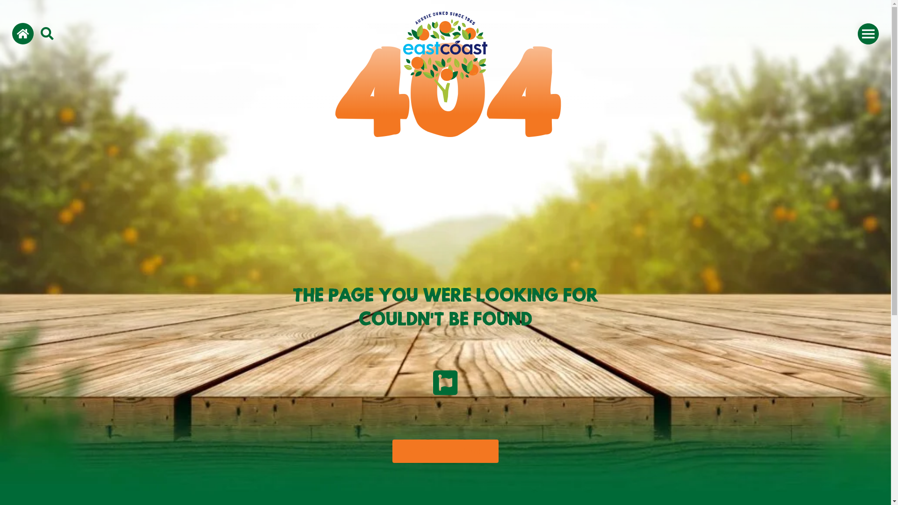 The height and width of the screenshot is (505, 898). What do you see at coordinates (392, 450) in the screenshot?
I see `'Return to home'` at bounding box center [392, 450].